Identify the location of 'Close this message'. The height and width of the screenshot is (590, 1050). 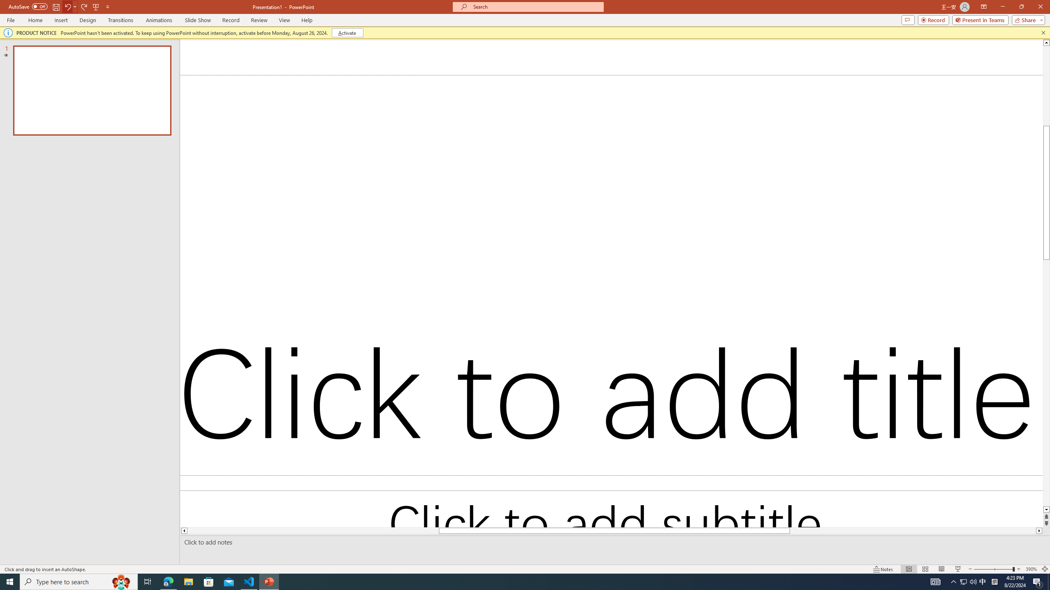
(1043, 32).